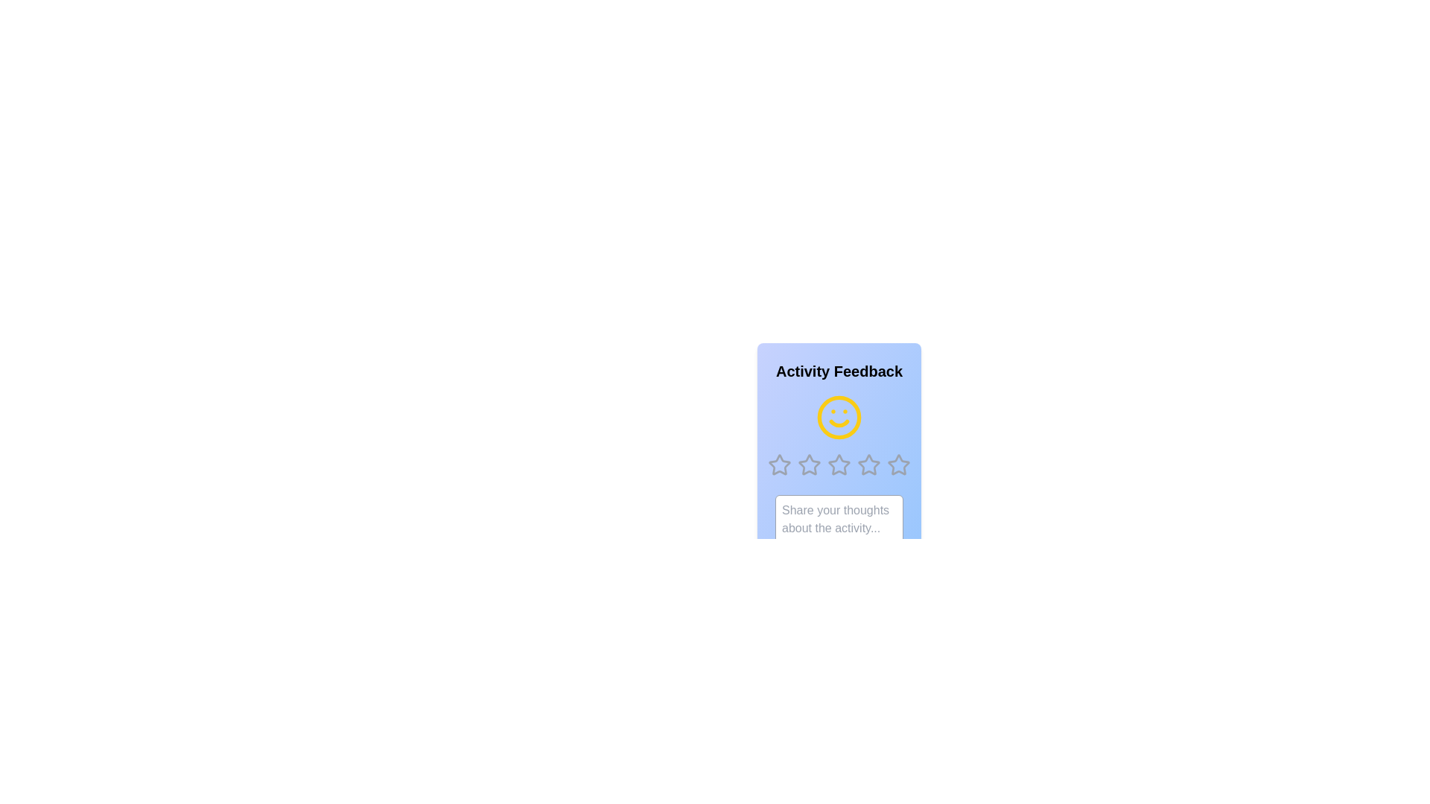 This screenshot has width=1430, height=804. I want to click on the smiley face icon with yellow strokes, which is centrally aligned within the feedback form card, located just below the 'Activity Feedback' title, so click(839, 417).